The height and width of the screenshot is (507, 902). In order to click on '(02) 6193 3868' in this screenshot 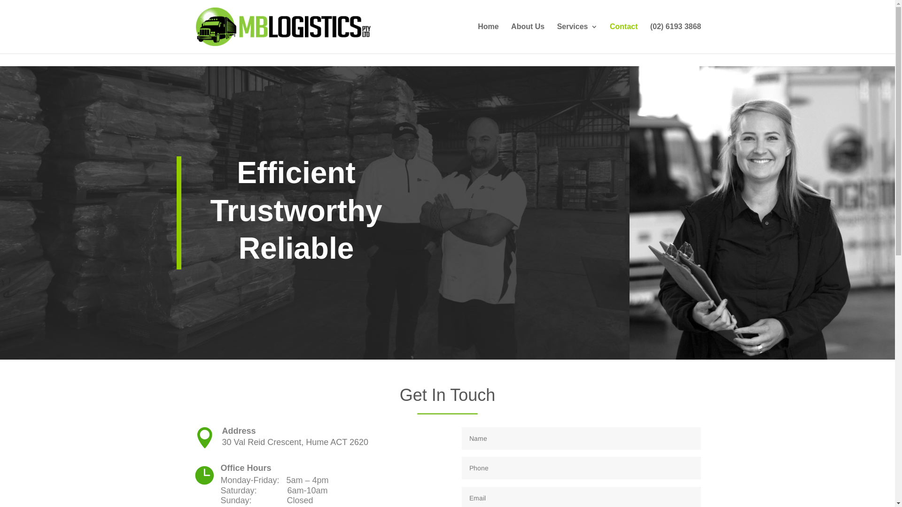, I will do `click(675, 38)`.